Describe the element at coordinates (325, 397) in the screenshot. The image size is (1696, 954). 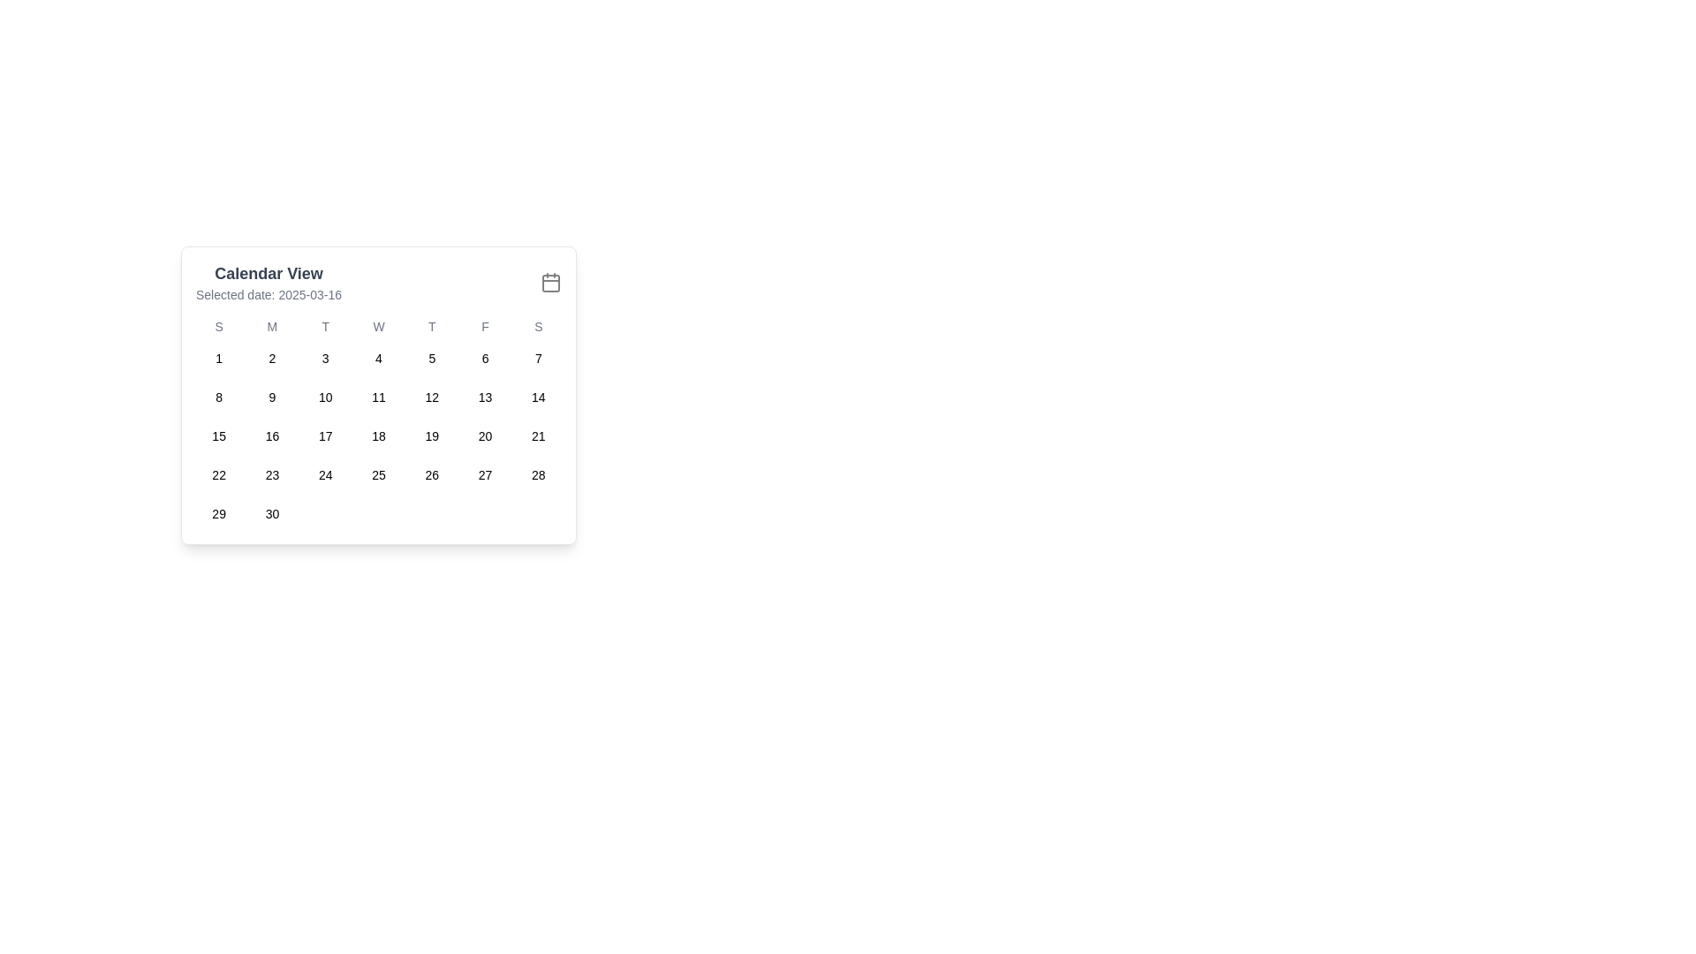
I see `the calendar date cell representing the day '10'` at that location.